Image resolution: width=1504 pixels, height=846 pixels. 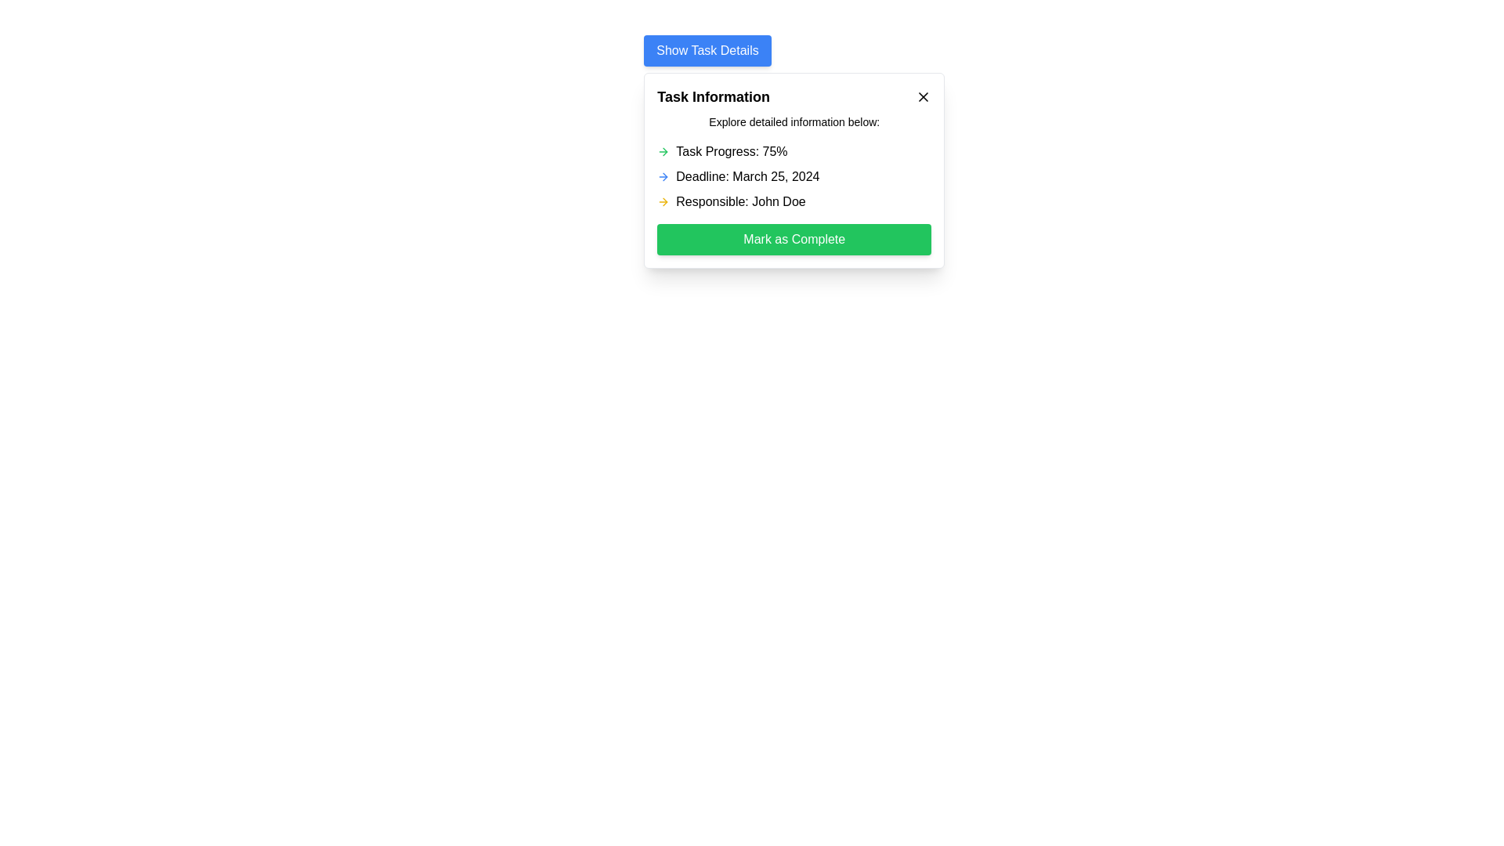 I want to click on the text header located at the top left of the modal dialog box, so click(x=713, y=96).